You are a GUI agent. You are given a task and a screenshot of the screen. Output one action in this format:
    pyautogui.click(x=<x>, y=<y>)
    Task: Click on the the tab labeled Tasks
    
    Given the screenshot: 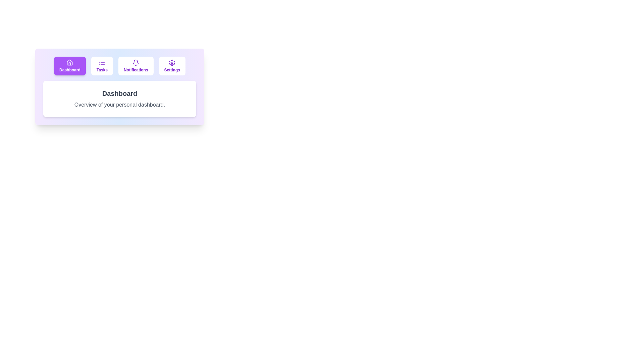 What is the action you would take?
    pyautogui.click(x=101, y=66)
    